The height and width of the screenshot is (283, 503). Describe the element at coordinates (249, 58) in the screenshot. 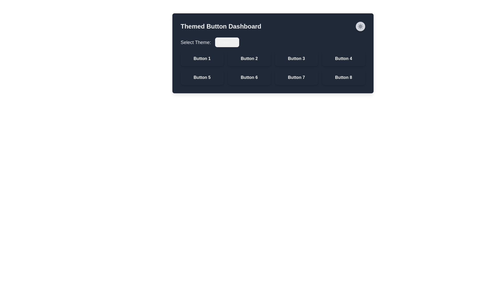

I see `the interactive button located in the upper row of a 2x4 grid` at that location.